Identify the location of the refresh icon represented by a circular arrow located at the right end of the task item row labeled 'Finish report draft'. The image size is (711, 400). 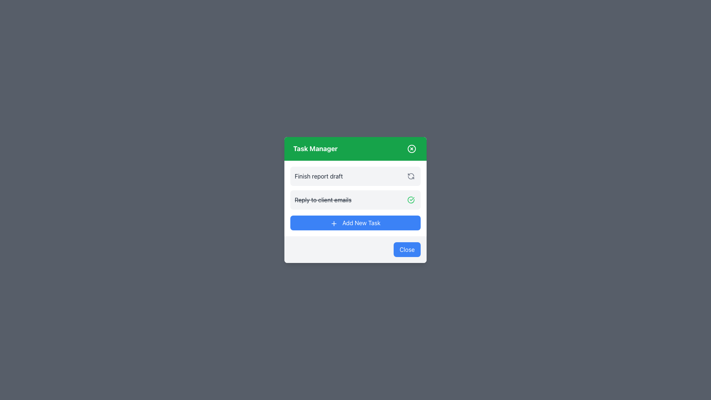
(410, 176).